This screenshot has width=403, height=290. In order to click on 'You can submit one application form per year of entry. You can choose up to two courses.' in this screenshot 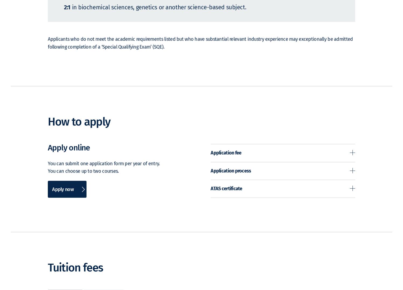, I will do `click(103, 174)`.